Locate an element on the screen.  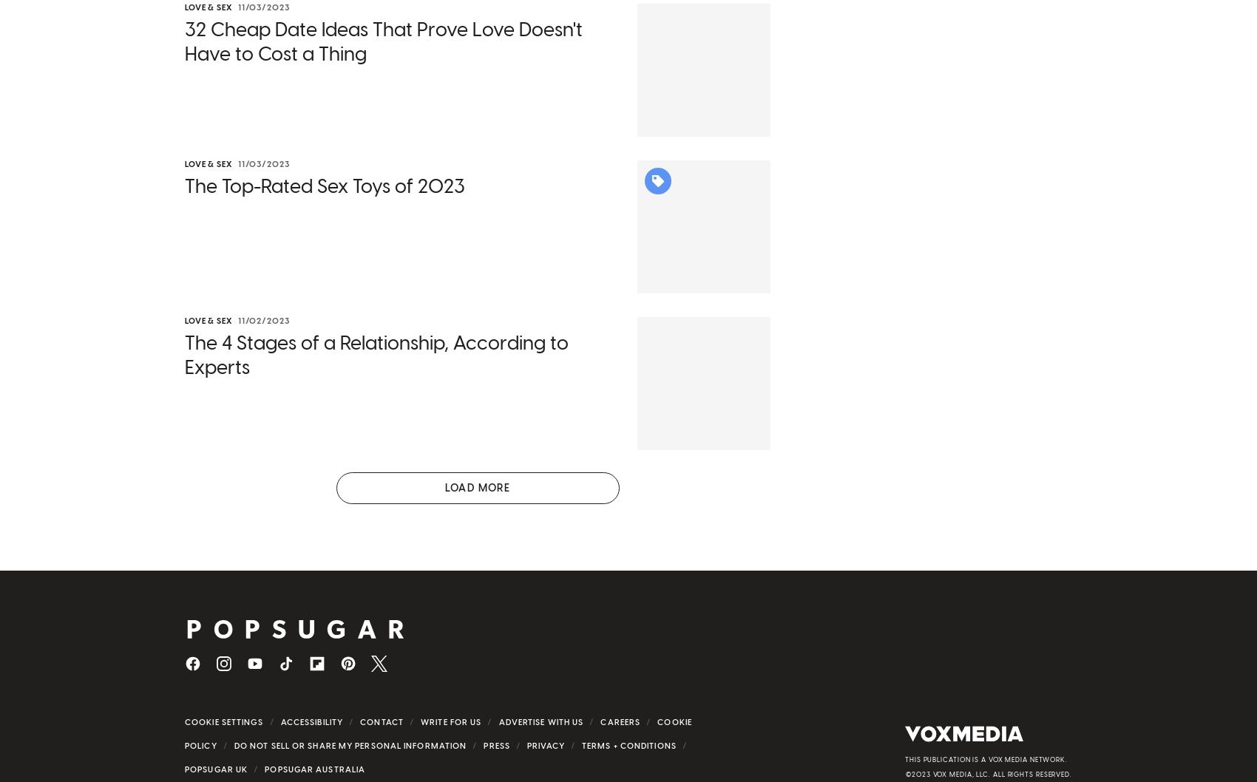
'While there are many public-sector steps to be taken, companies can also strengthen their childcare benefits. "Parents should tap into whatever benefits are offered through their employer, starting with a pretax' is located at coordinates (185, 549).